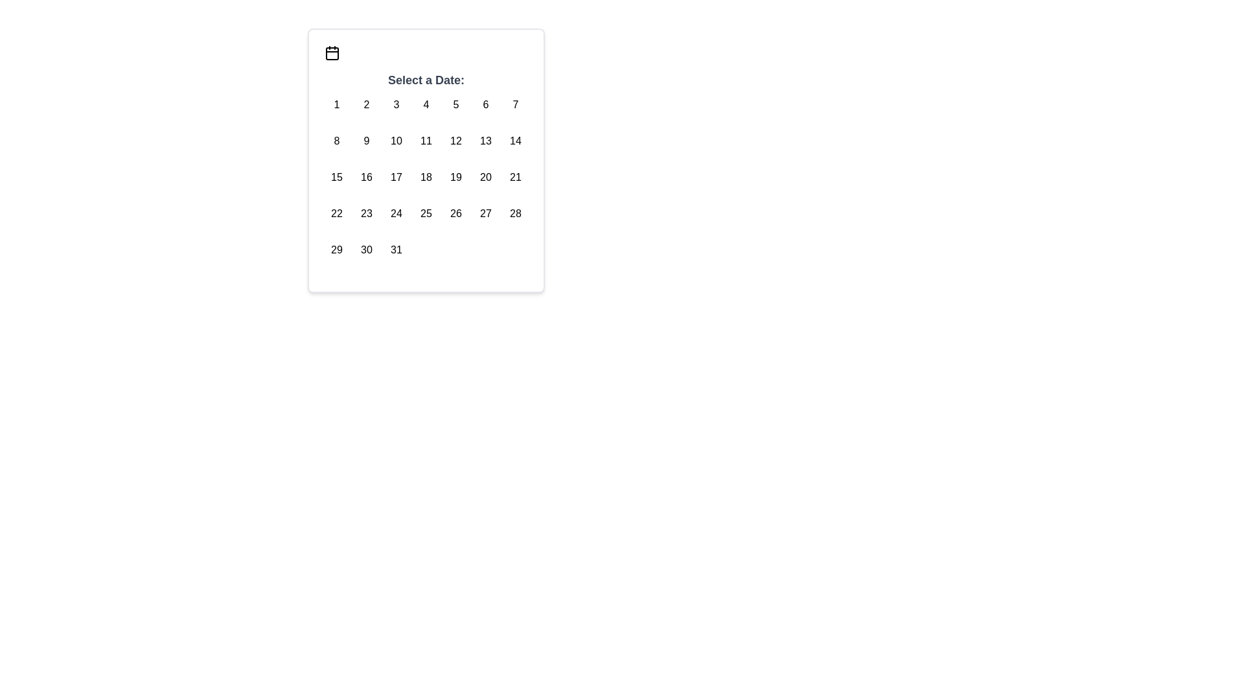 This screenshot has width=1244, height=700. I want to click on the button displaying the number '28', which is part of a calendar component in the fourth row and seventh column of a grid layout, so click(515, 213).